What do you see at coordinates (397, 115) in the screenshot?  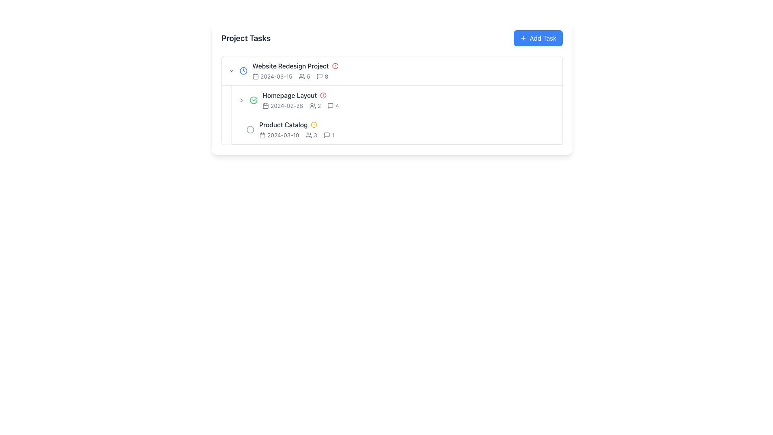 I see `the task item titled 'Homepage Layout'` at bounding box center [397, 115].